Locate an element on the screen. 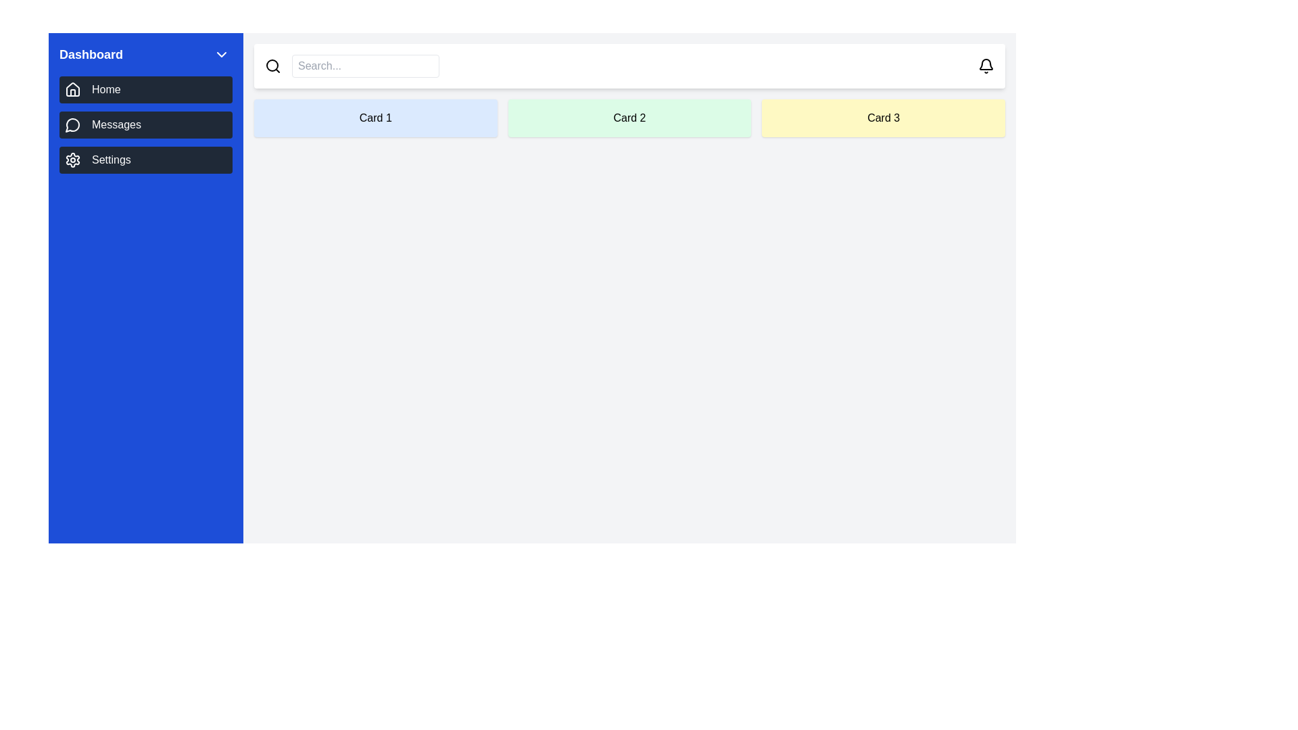 This screenshot has height=730, width=1298. Card 2 in the grid layout component is located at coordinates (629, 117).